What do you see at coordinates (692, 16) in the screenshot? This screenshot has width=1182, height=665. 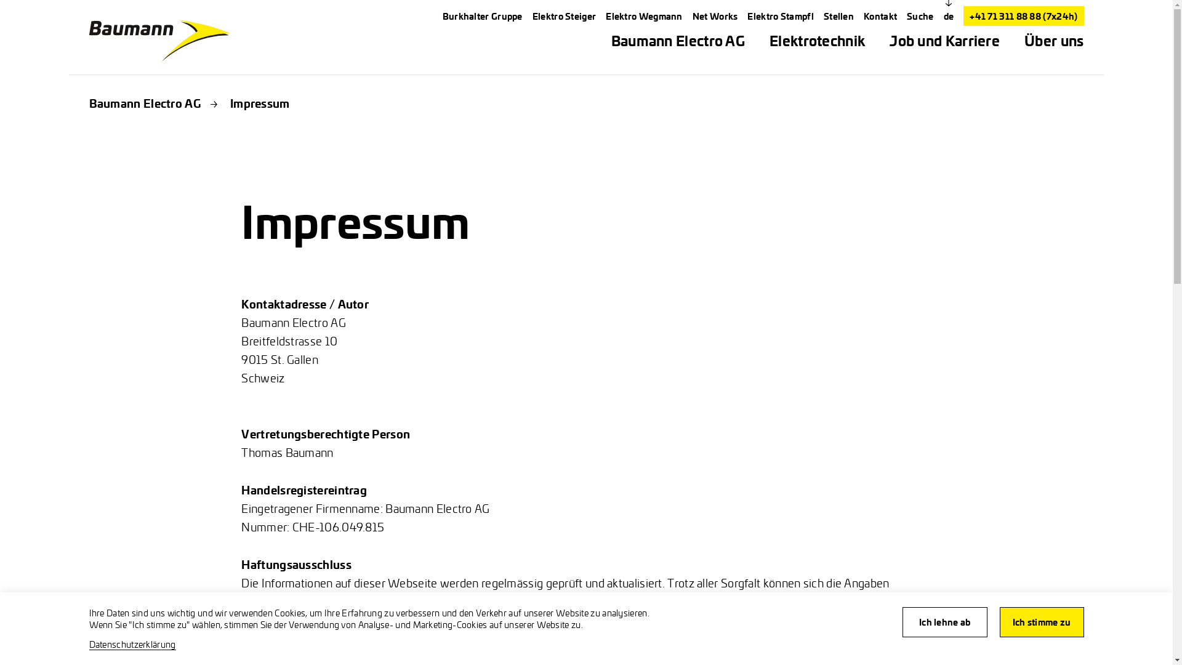 I see `'Net Works'` at bounding box center [692, 16].